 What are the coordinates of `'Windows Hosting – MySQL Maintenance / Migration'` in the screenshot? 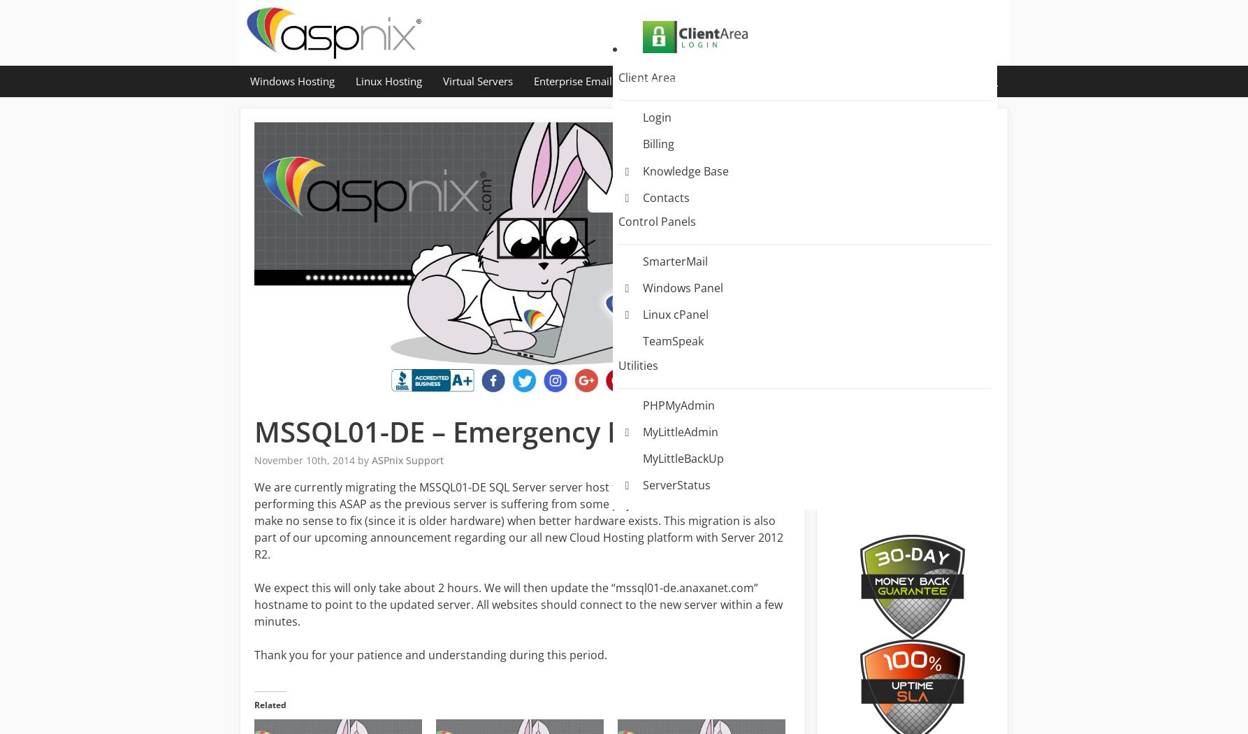 It's located at (864, 282).